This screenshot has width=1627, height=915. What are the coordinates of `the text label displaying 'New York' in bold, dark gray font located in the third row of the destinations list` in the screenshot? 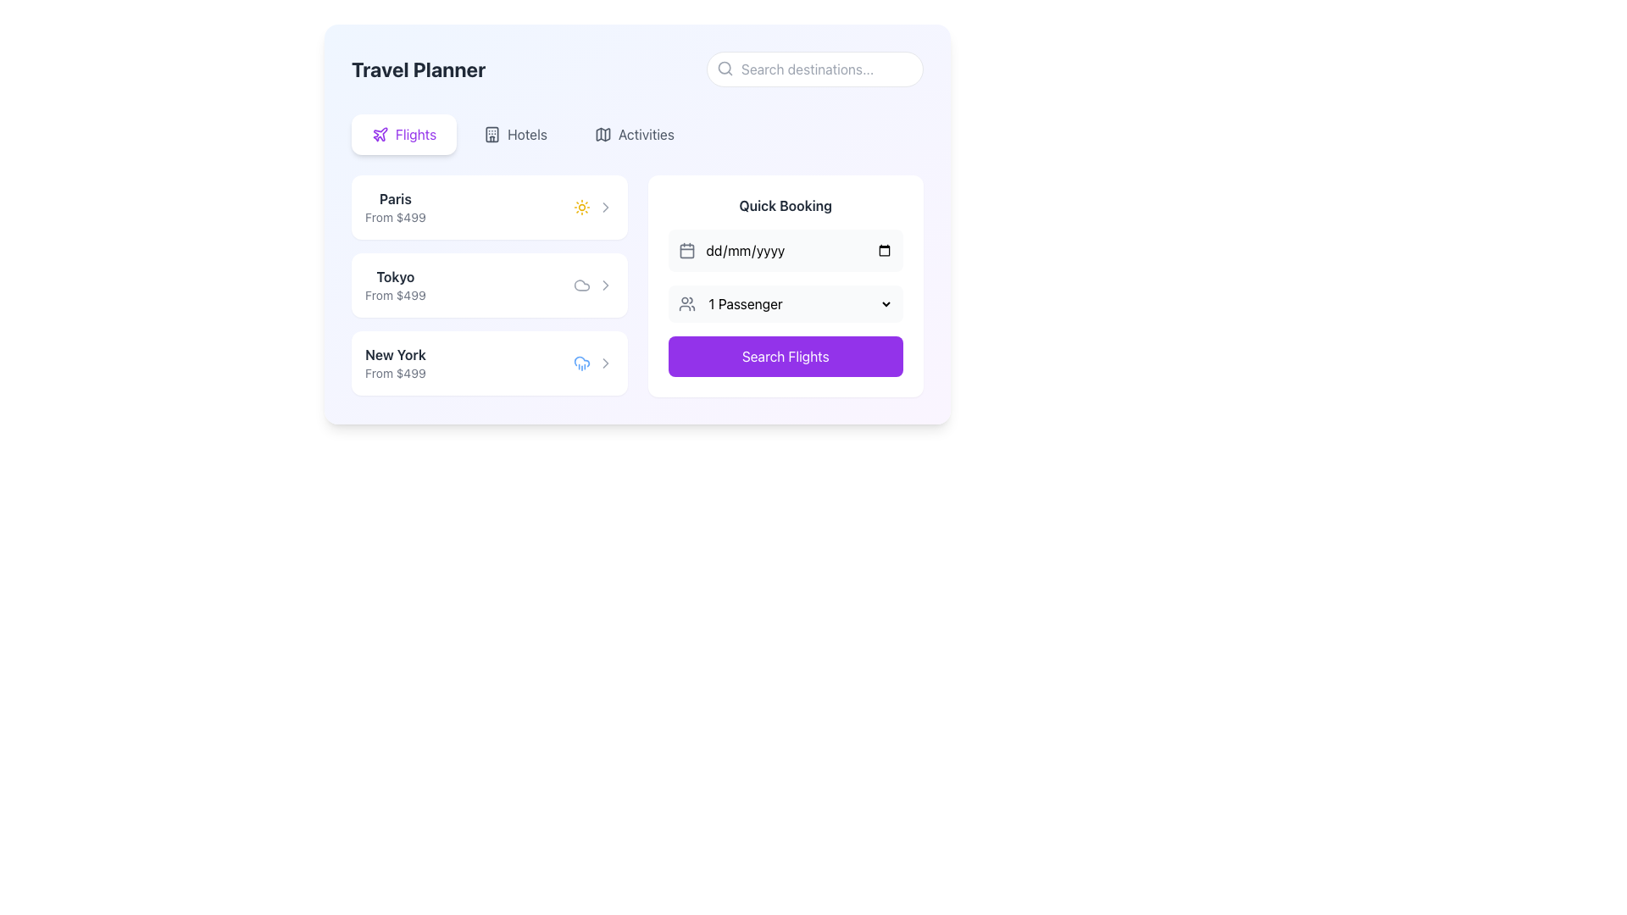 It's located at (394, 354).